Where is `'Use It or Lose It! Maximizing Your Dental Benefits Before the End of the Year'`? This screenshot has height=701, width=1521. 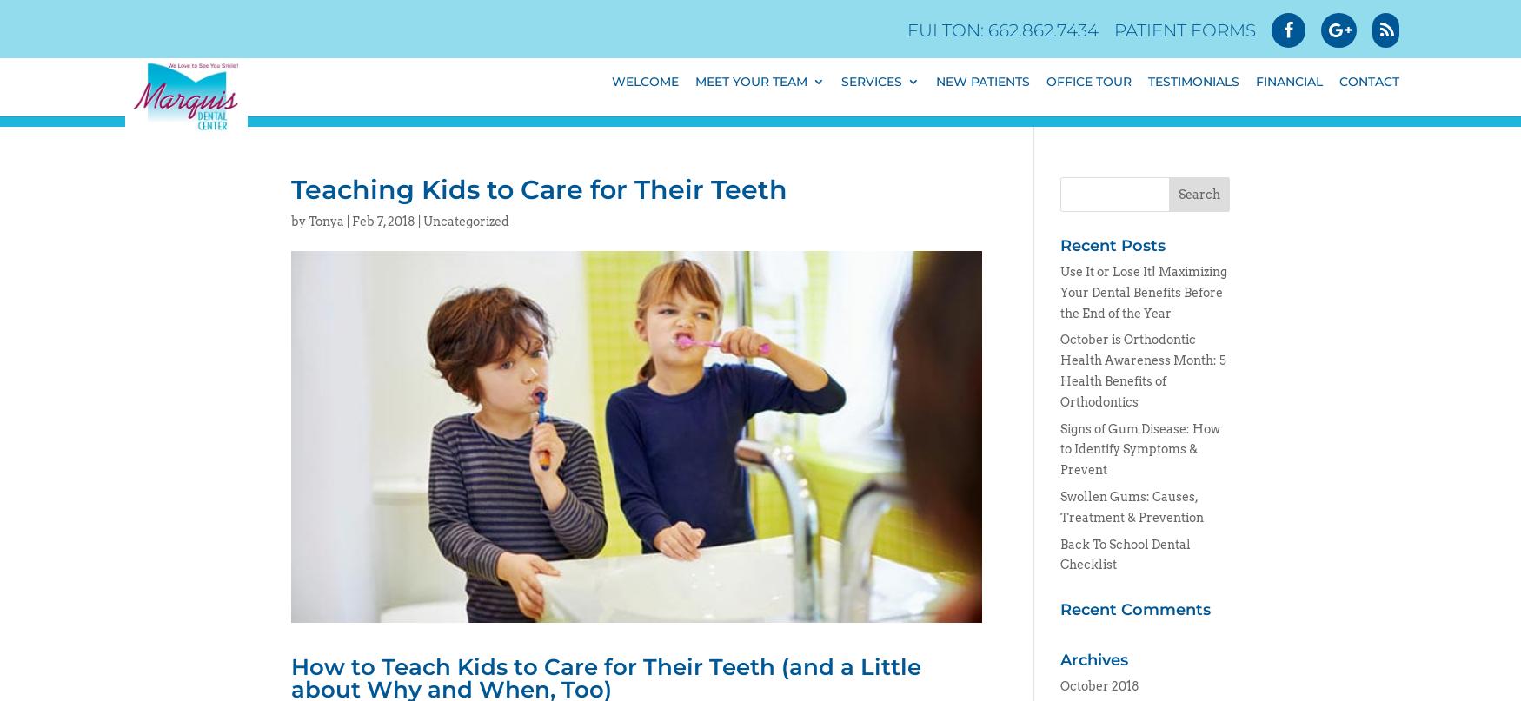 'Use It or Lose It! Maximizing Your Dental Benefits Before the End of the Year' is located at coordinates (1059, 292).